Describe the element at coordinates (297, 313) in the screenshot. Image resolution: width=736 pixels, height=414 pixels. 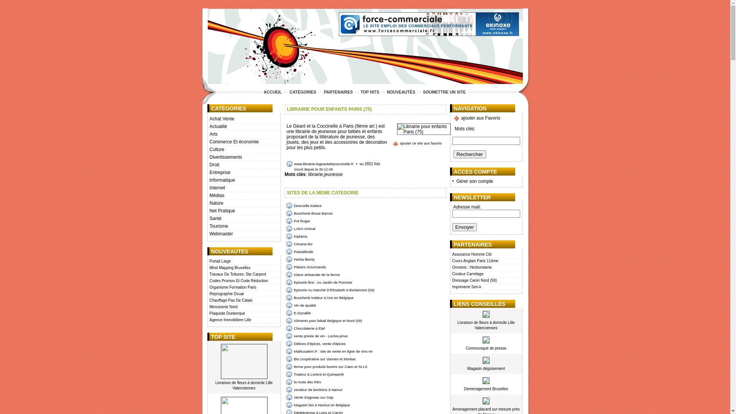
I see `'E-Dynalife'` at that location.